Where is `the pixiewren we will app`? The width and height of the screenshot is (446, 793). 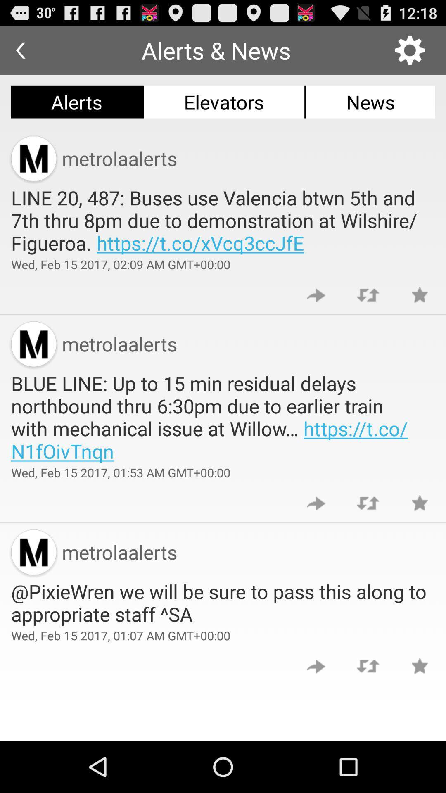
the pixiewren we will app is located at coordinates (223, 603).